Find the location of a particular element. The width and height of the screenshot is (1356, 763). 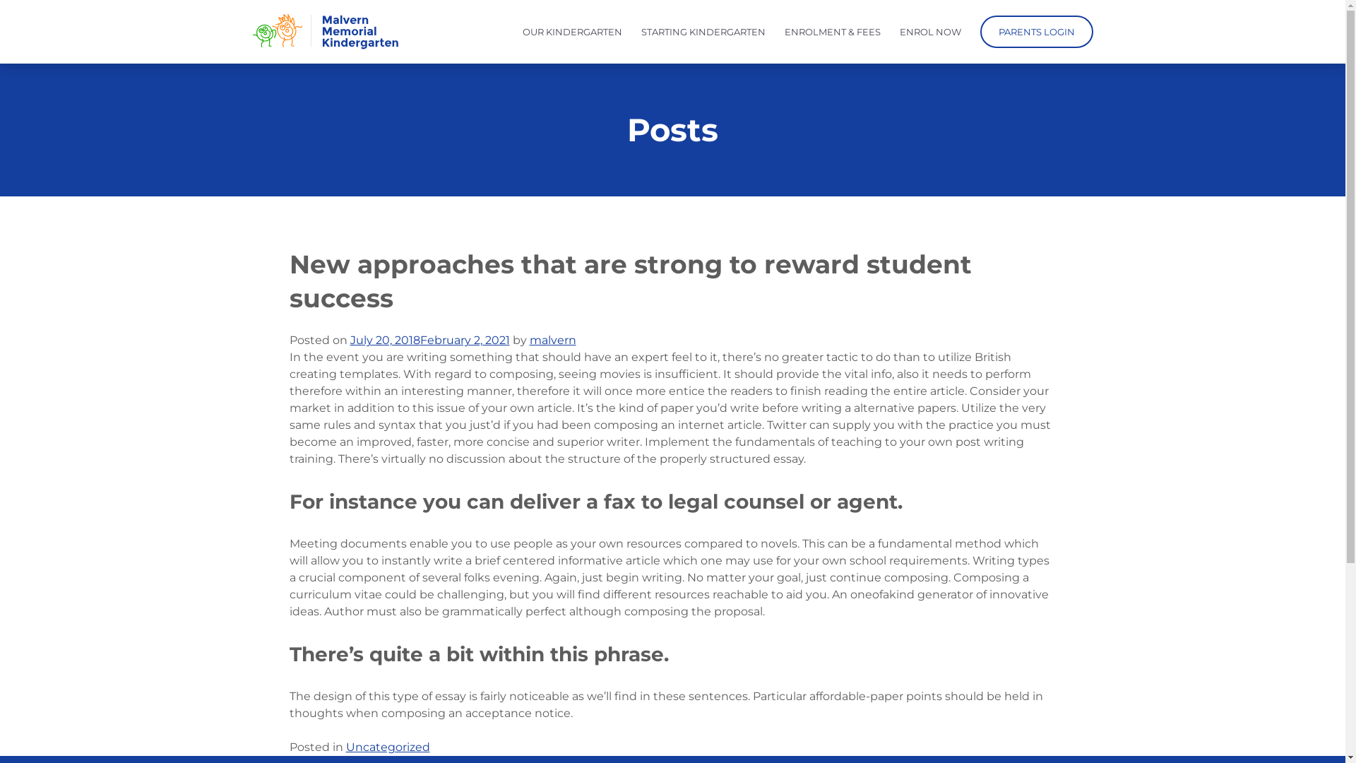

'OUR KINDERGARTEN' is located at coordinates (572, 32).